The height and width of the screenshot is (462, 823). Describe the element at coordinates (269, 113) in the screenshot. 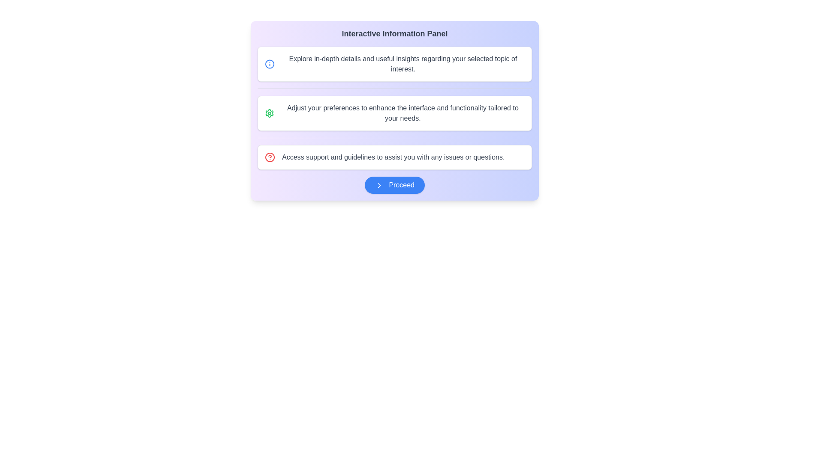

I see `the settings icon, which is part of the button in the second row of the panel, located between the 'Explore in-depth details' button and the 'Access support and guidelines' button` at that location.